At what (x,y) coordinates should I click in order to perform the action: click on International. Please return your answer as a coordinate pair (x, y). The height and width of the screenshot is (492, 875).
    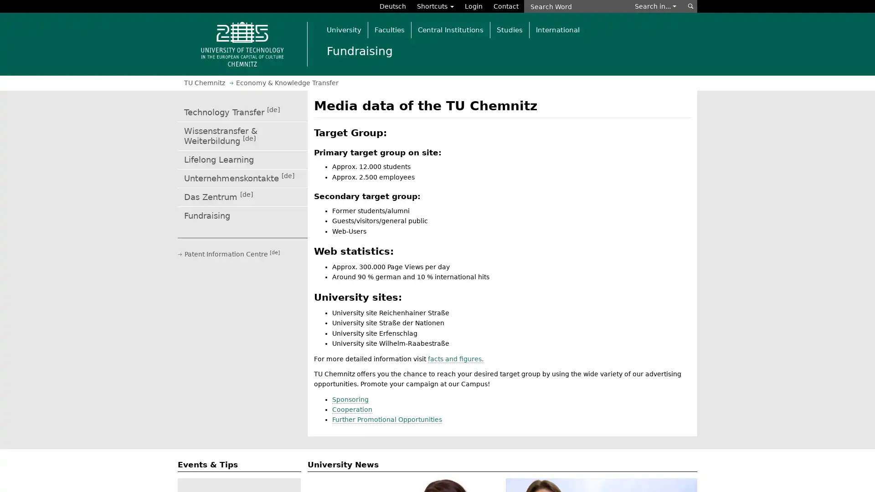
    Looking at the image, I should click on (557, 29).